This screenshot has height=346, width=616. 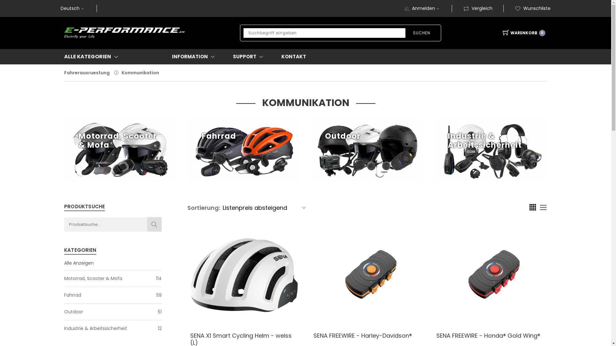 What do you see at coordinates (194, 56) in the screenshot?
I see `'INFORMATION'` at bounding box center [194, 56].